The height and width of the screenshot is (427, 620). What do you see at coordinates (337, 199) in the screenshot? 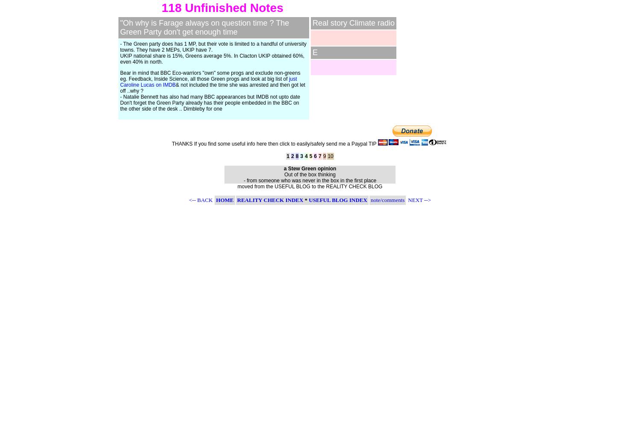
I see `'USEFUL BLOG      INDEX'` at bounding box center [337, 199].